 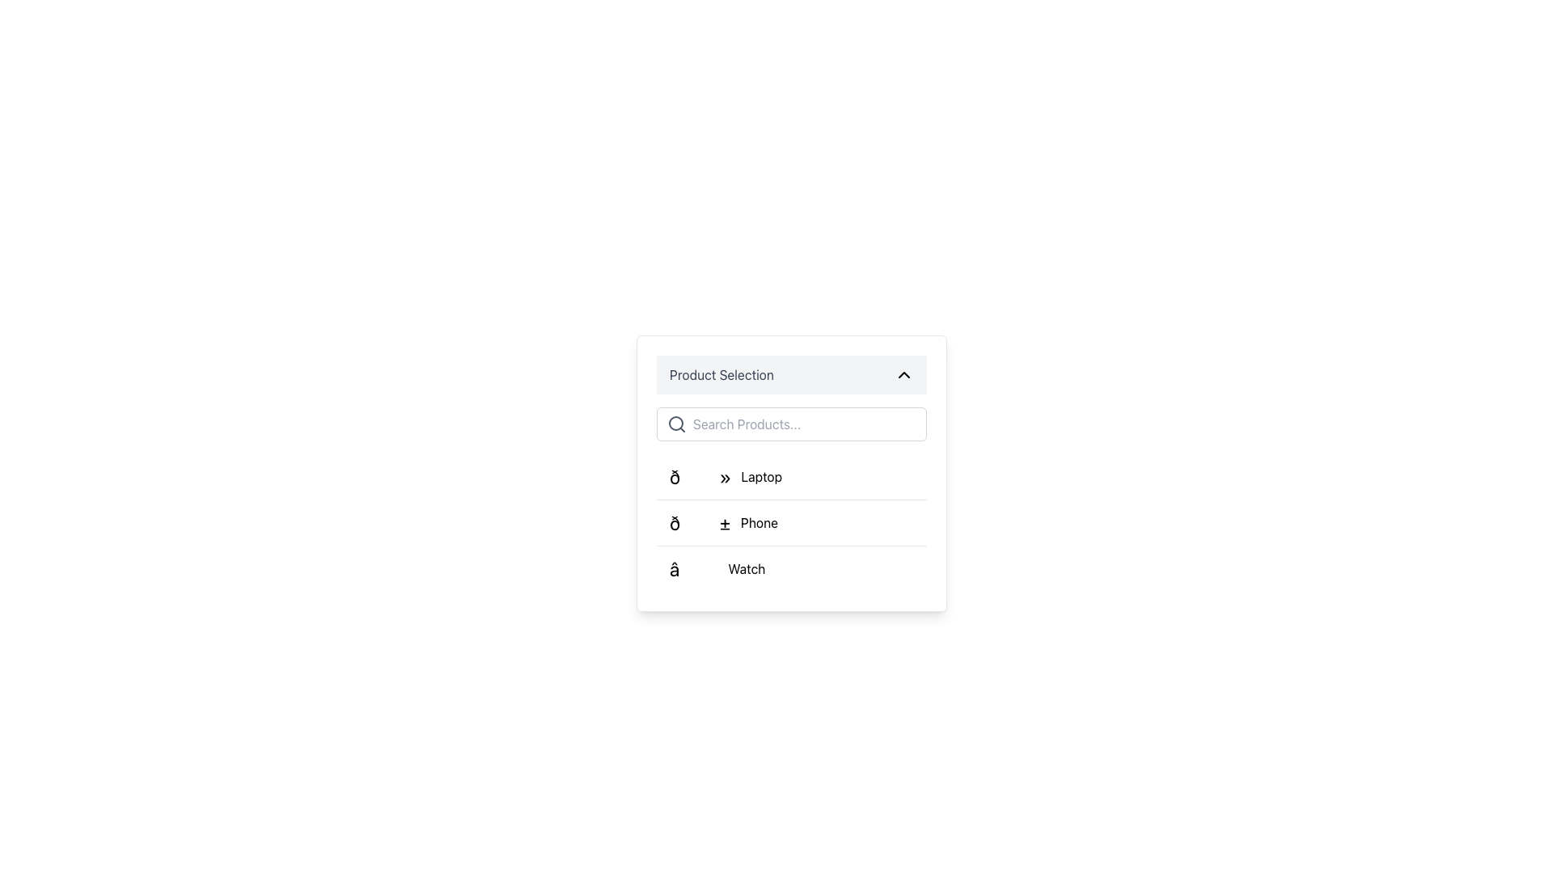 What do you see at coordinates (792, 423) in the screenshot?
I see `the search input field with a gray border and rounded corners located at the top of the 'Product Selection' dropdown menu to focus and type a query` at bounding box center [792, 423].